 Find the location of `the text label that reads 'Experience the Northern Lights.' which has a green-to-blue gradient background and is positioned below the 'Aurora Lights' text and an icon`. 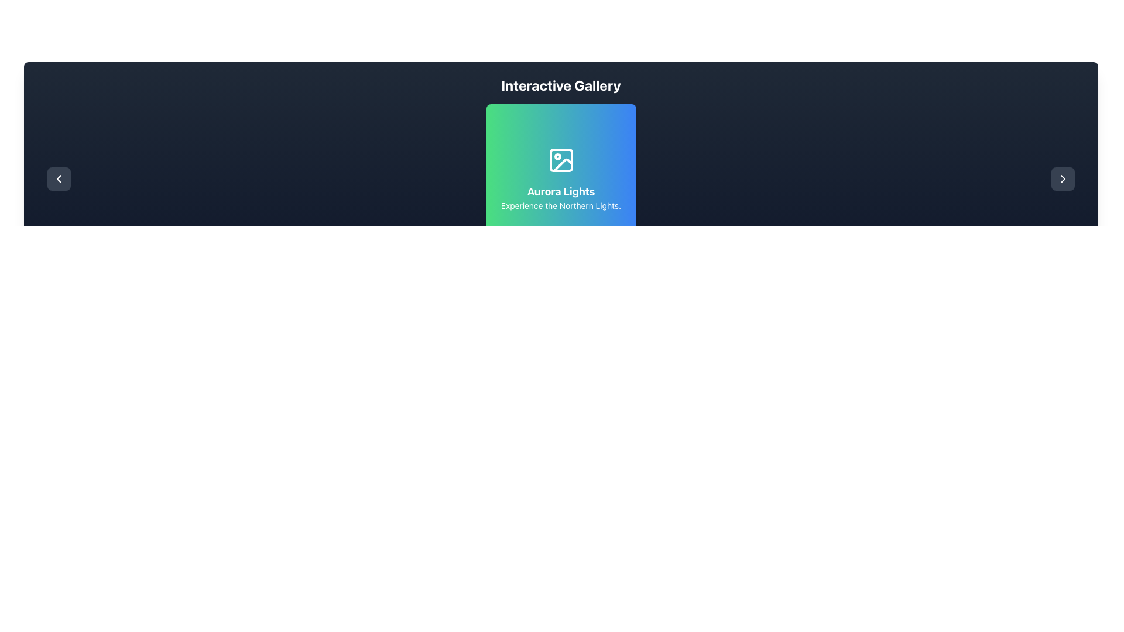

the text label that reads 'Experience the Northern Lights.' which has a green-to-blue gradient background and is positioned below the 'Aurora Lights' text and an icon is located at coordinates (560, 205).